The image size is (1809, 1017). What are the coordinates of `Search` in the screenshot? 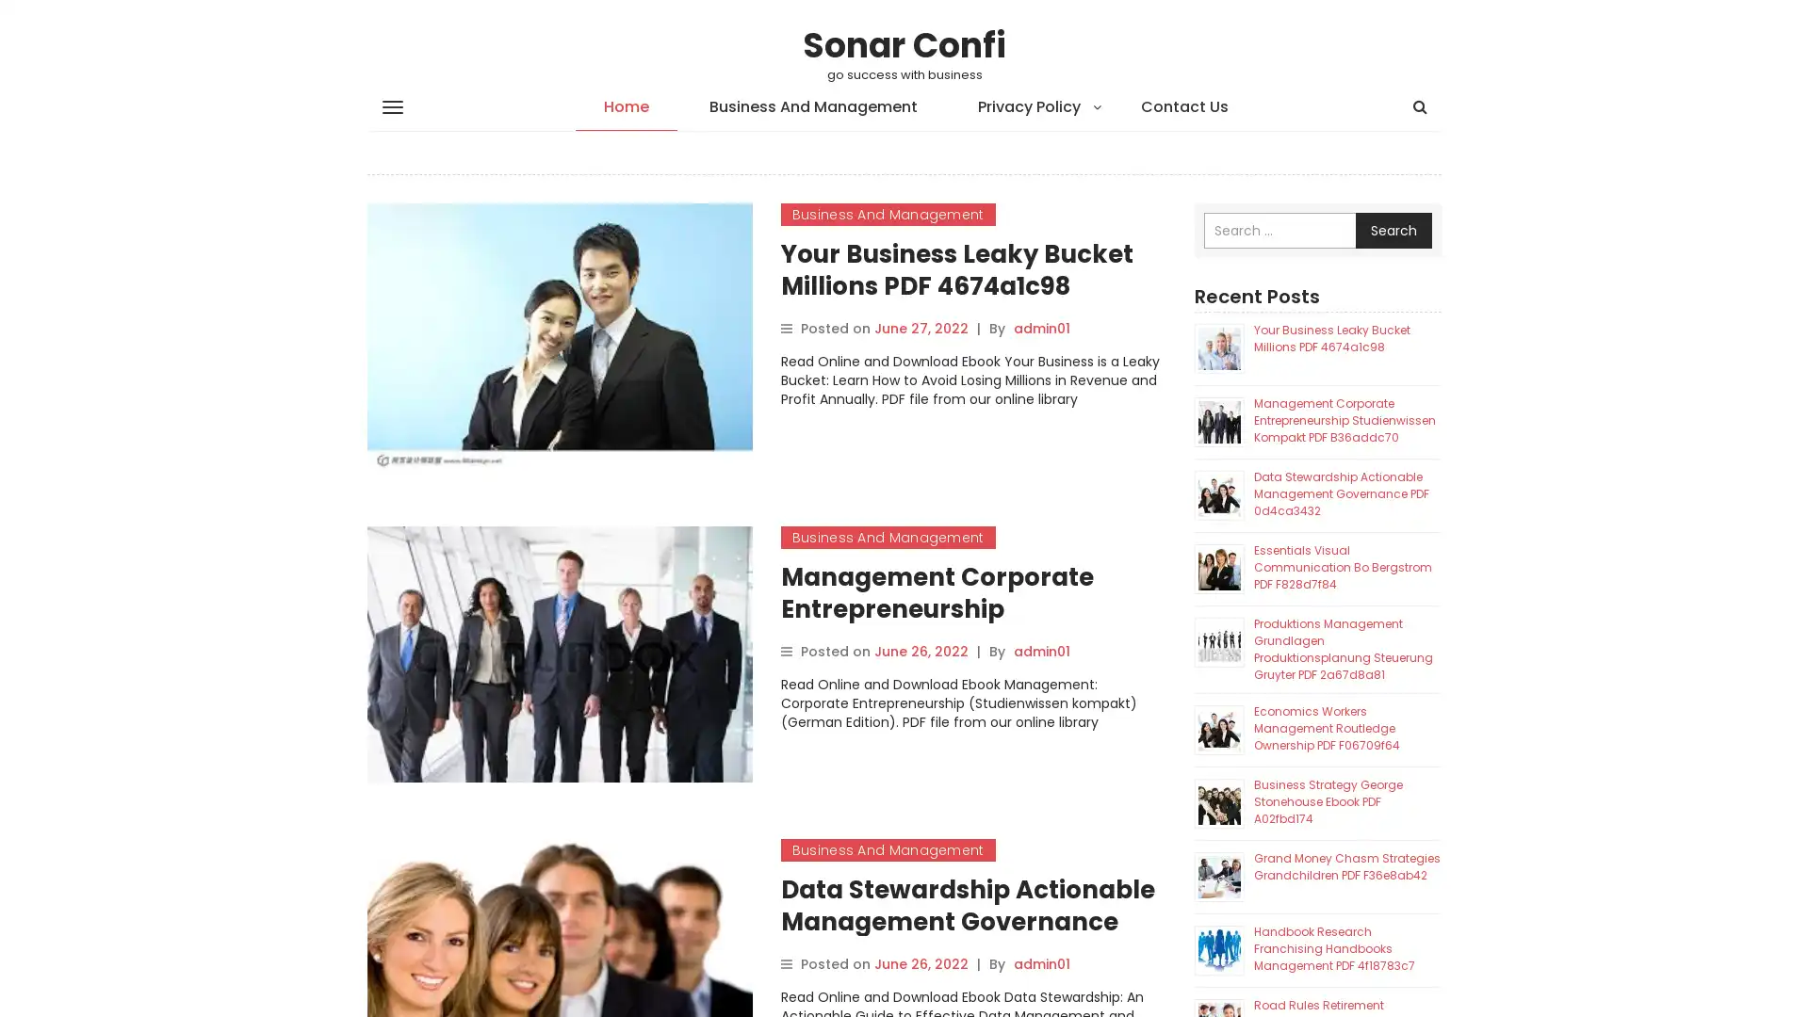 It's located at (1393, 230).